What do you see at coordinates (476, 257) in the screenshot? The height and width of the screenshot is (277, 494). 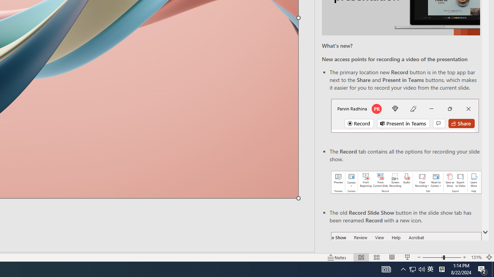 I see `'Zoom 131%'` at bounding box center [476, 257].